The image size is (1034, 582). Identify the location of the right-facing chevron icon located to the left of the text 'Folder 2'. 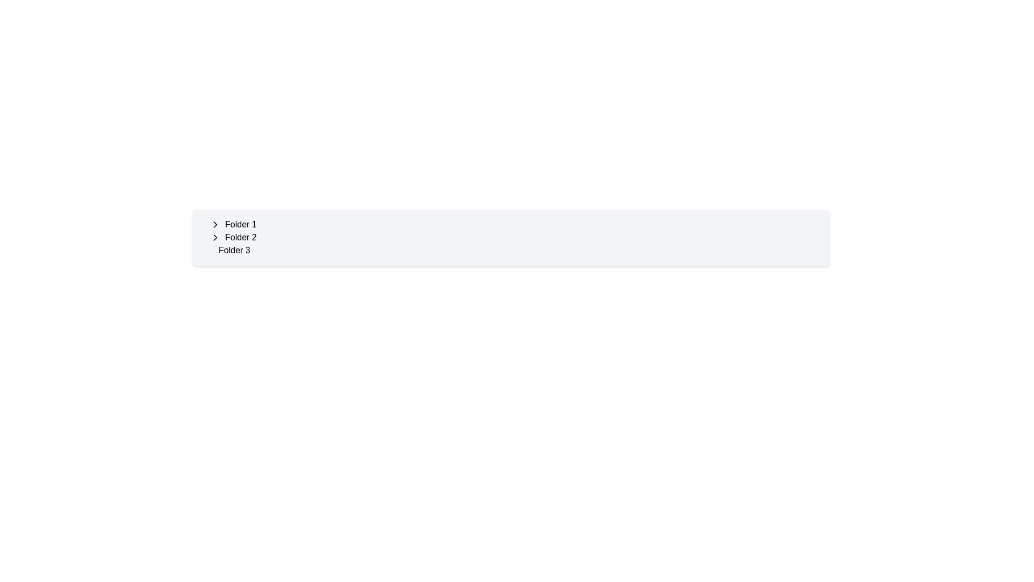
(215, 237).